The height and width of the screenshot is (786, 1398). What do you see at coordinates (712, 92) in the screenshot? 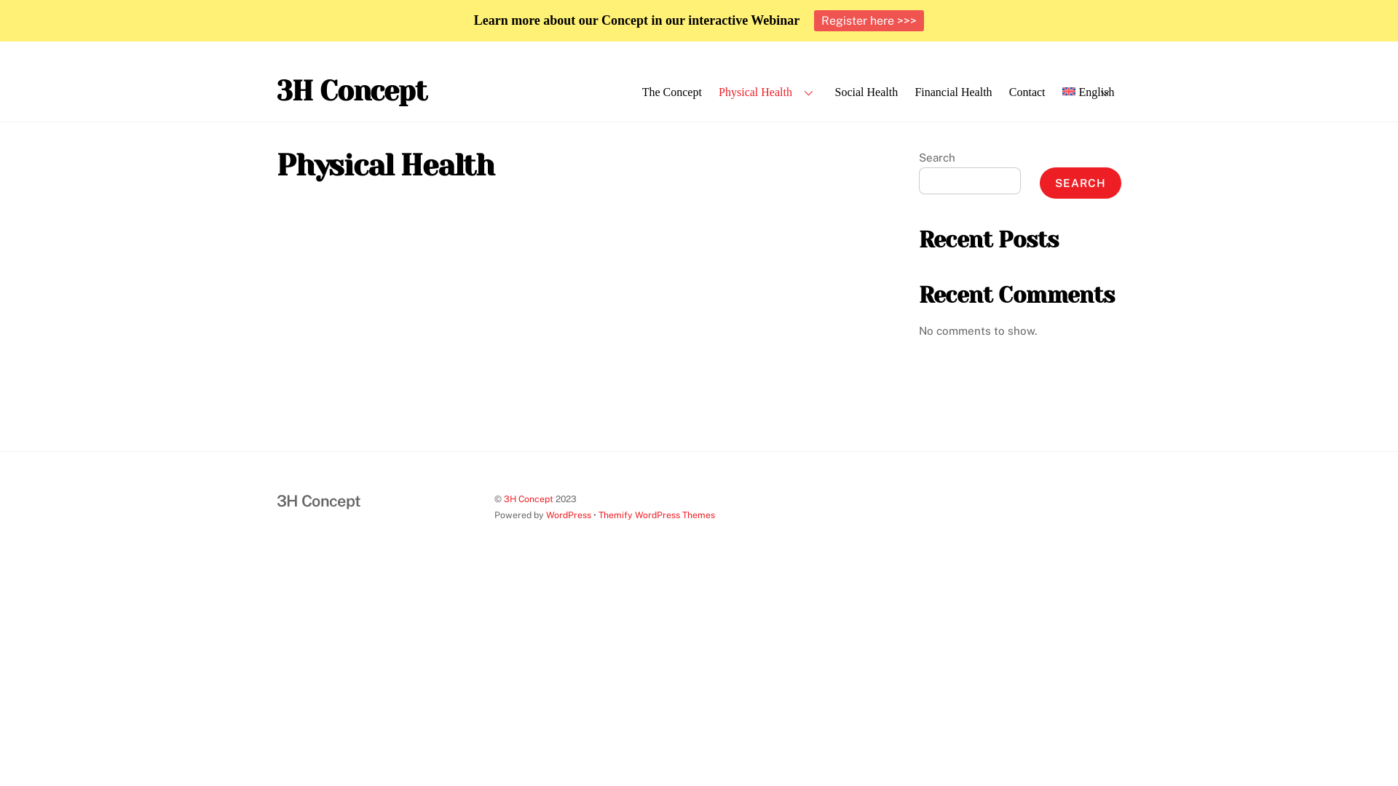
I see `'Physical Health'` at bounding box center [712, 92].